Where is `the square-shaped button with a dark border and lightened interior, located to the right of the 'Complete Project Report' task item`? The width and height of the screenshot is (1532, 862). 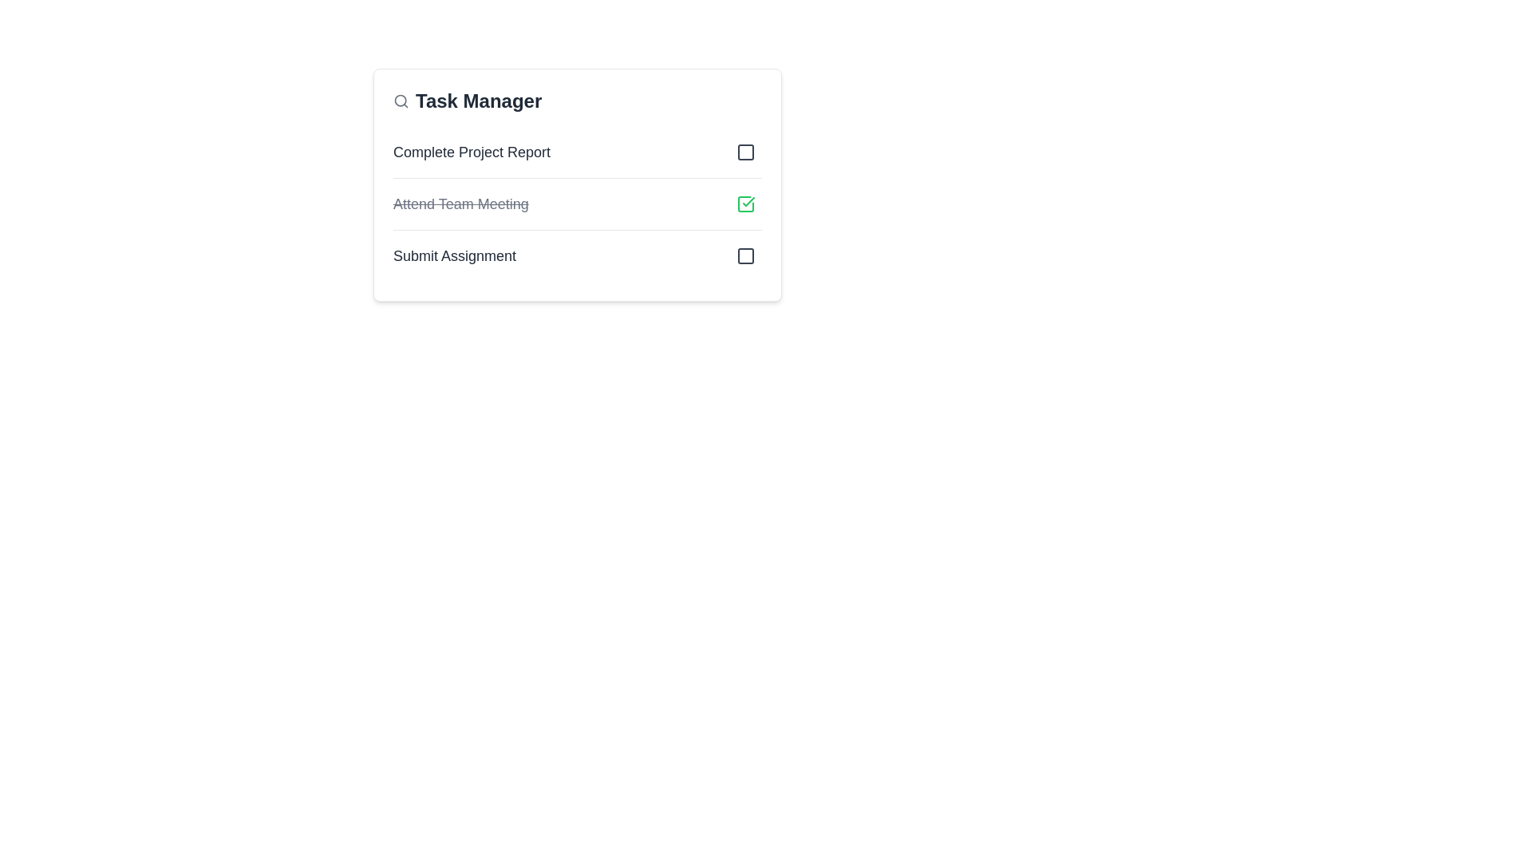
the square-shaped button with a dark border and lightened interior, located to the right of the 'Complete Project Report' task item is located at coordinates (745, 152).